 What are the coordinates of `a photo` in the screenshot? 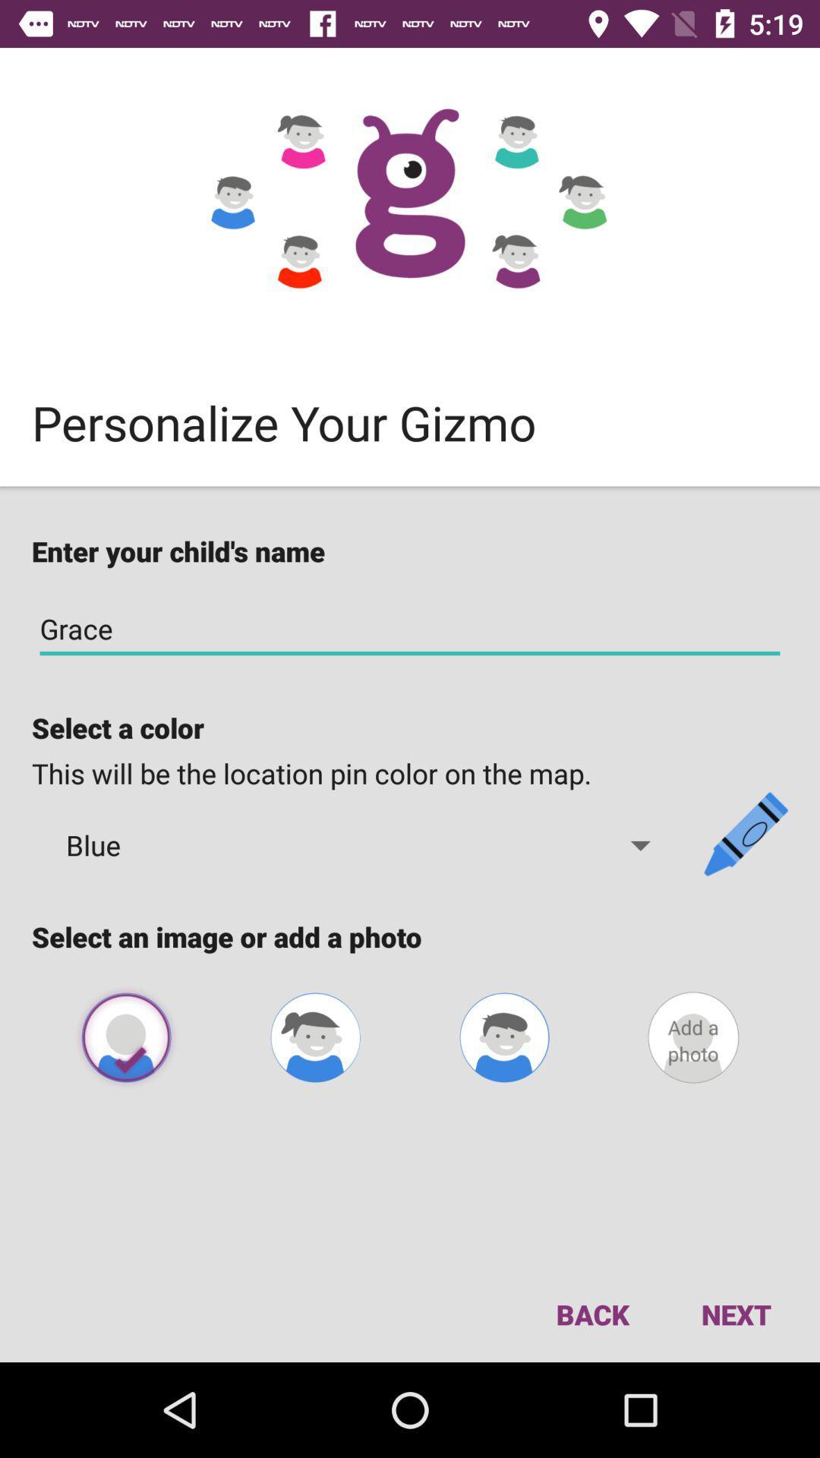 It's located at (693, 1037).